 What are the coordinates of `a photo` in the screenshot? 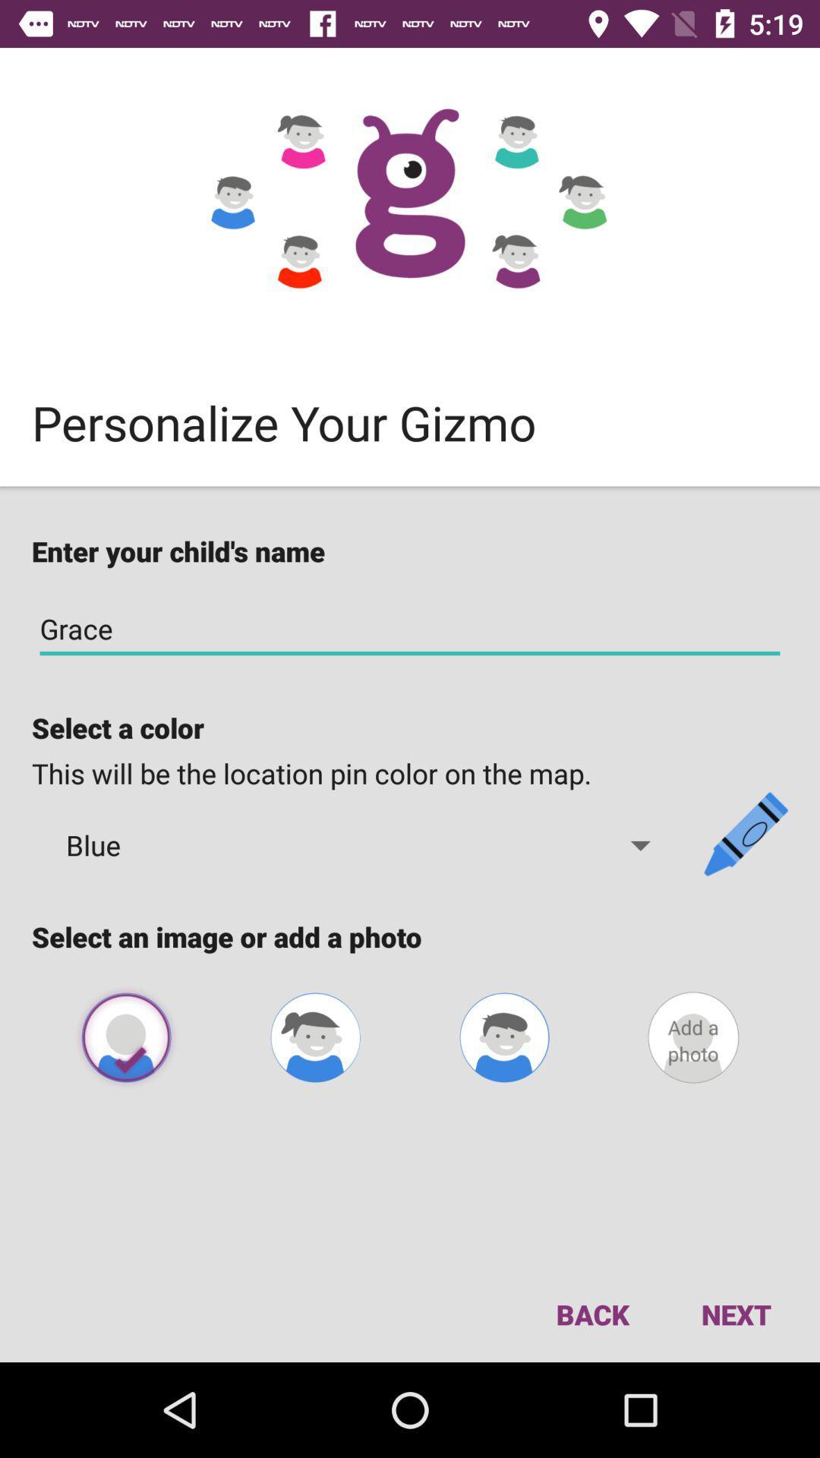 It's located at (693, 1037).